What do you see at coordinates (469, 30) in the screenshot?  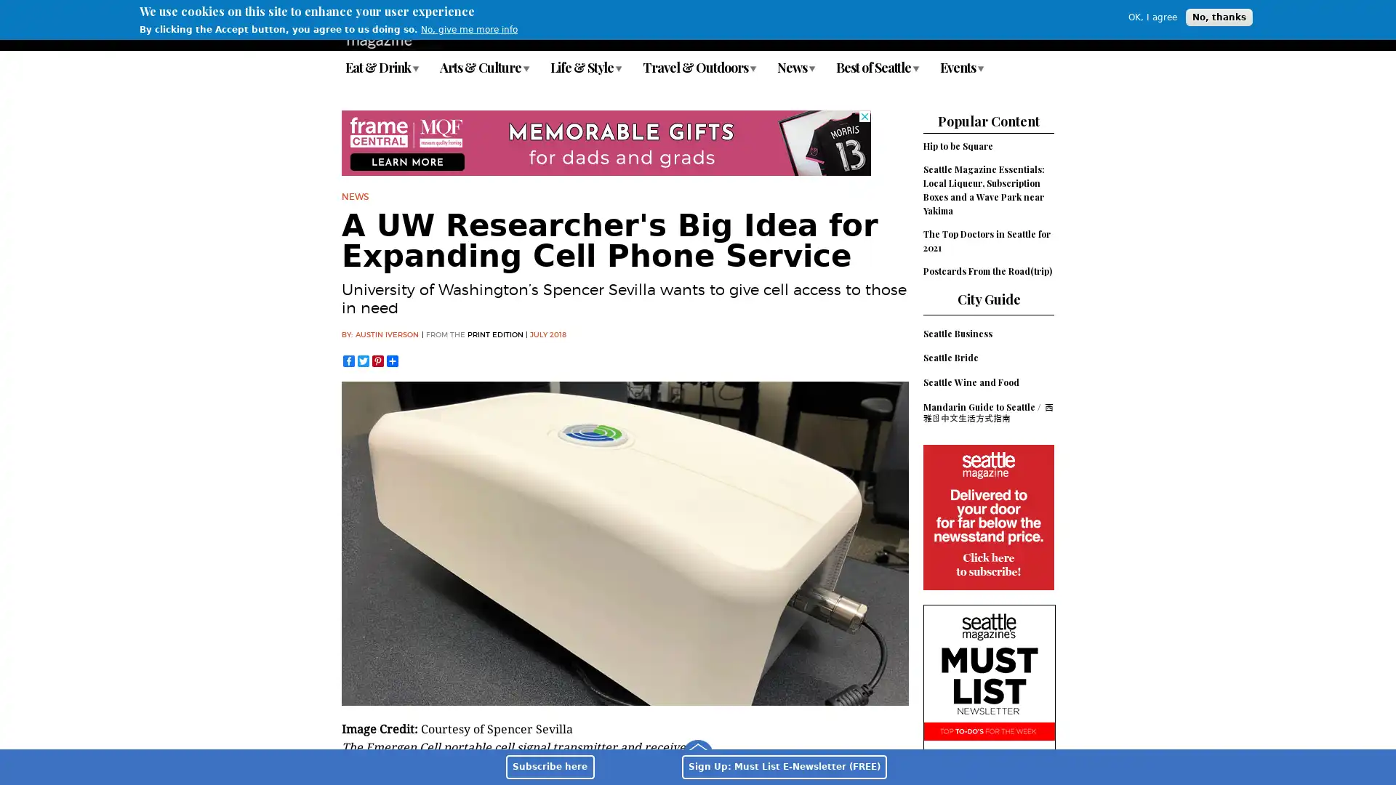 I see `No, give me more info` at bounding box center [469, 30].